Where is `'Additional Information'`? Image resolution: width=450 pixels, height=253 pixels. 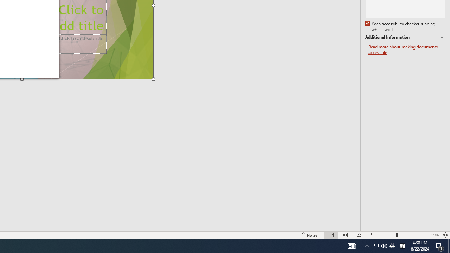
'Additional Information' is located at coordinates (405, 37).